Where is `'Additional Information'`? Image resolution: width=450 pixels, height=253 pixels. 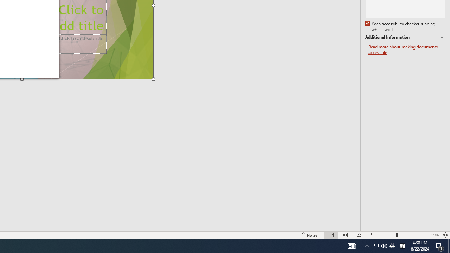
'Additional Information' is located at coordinates (405, 37).